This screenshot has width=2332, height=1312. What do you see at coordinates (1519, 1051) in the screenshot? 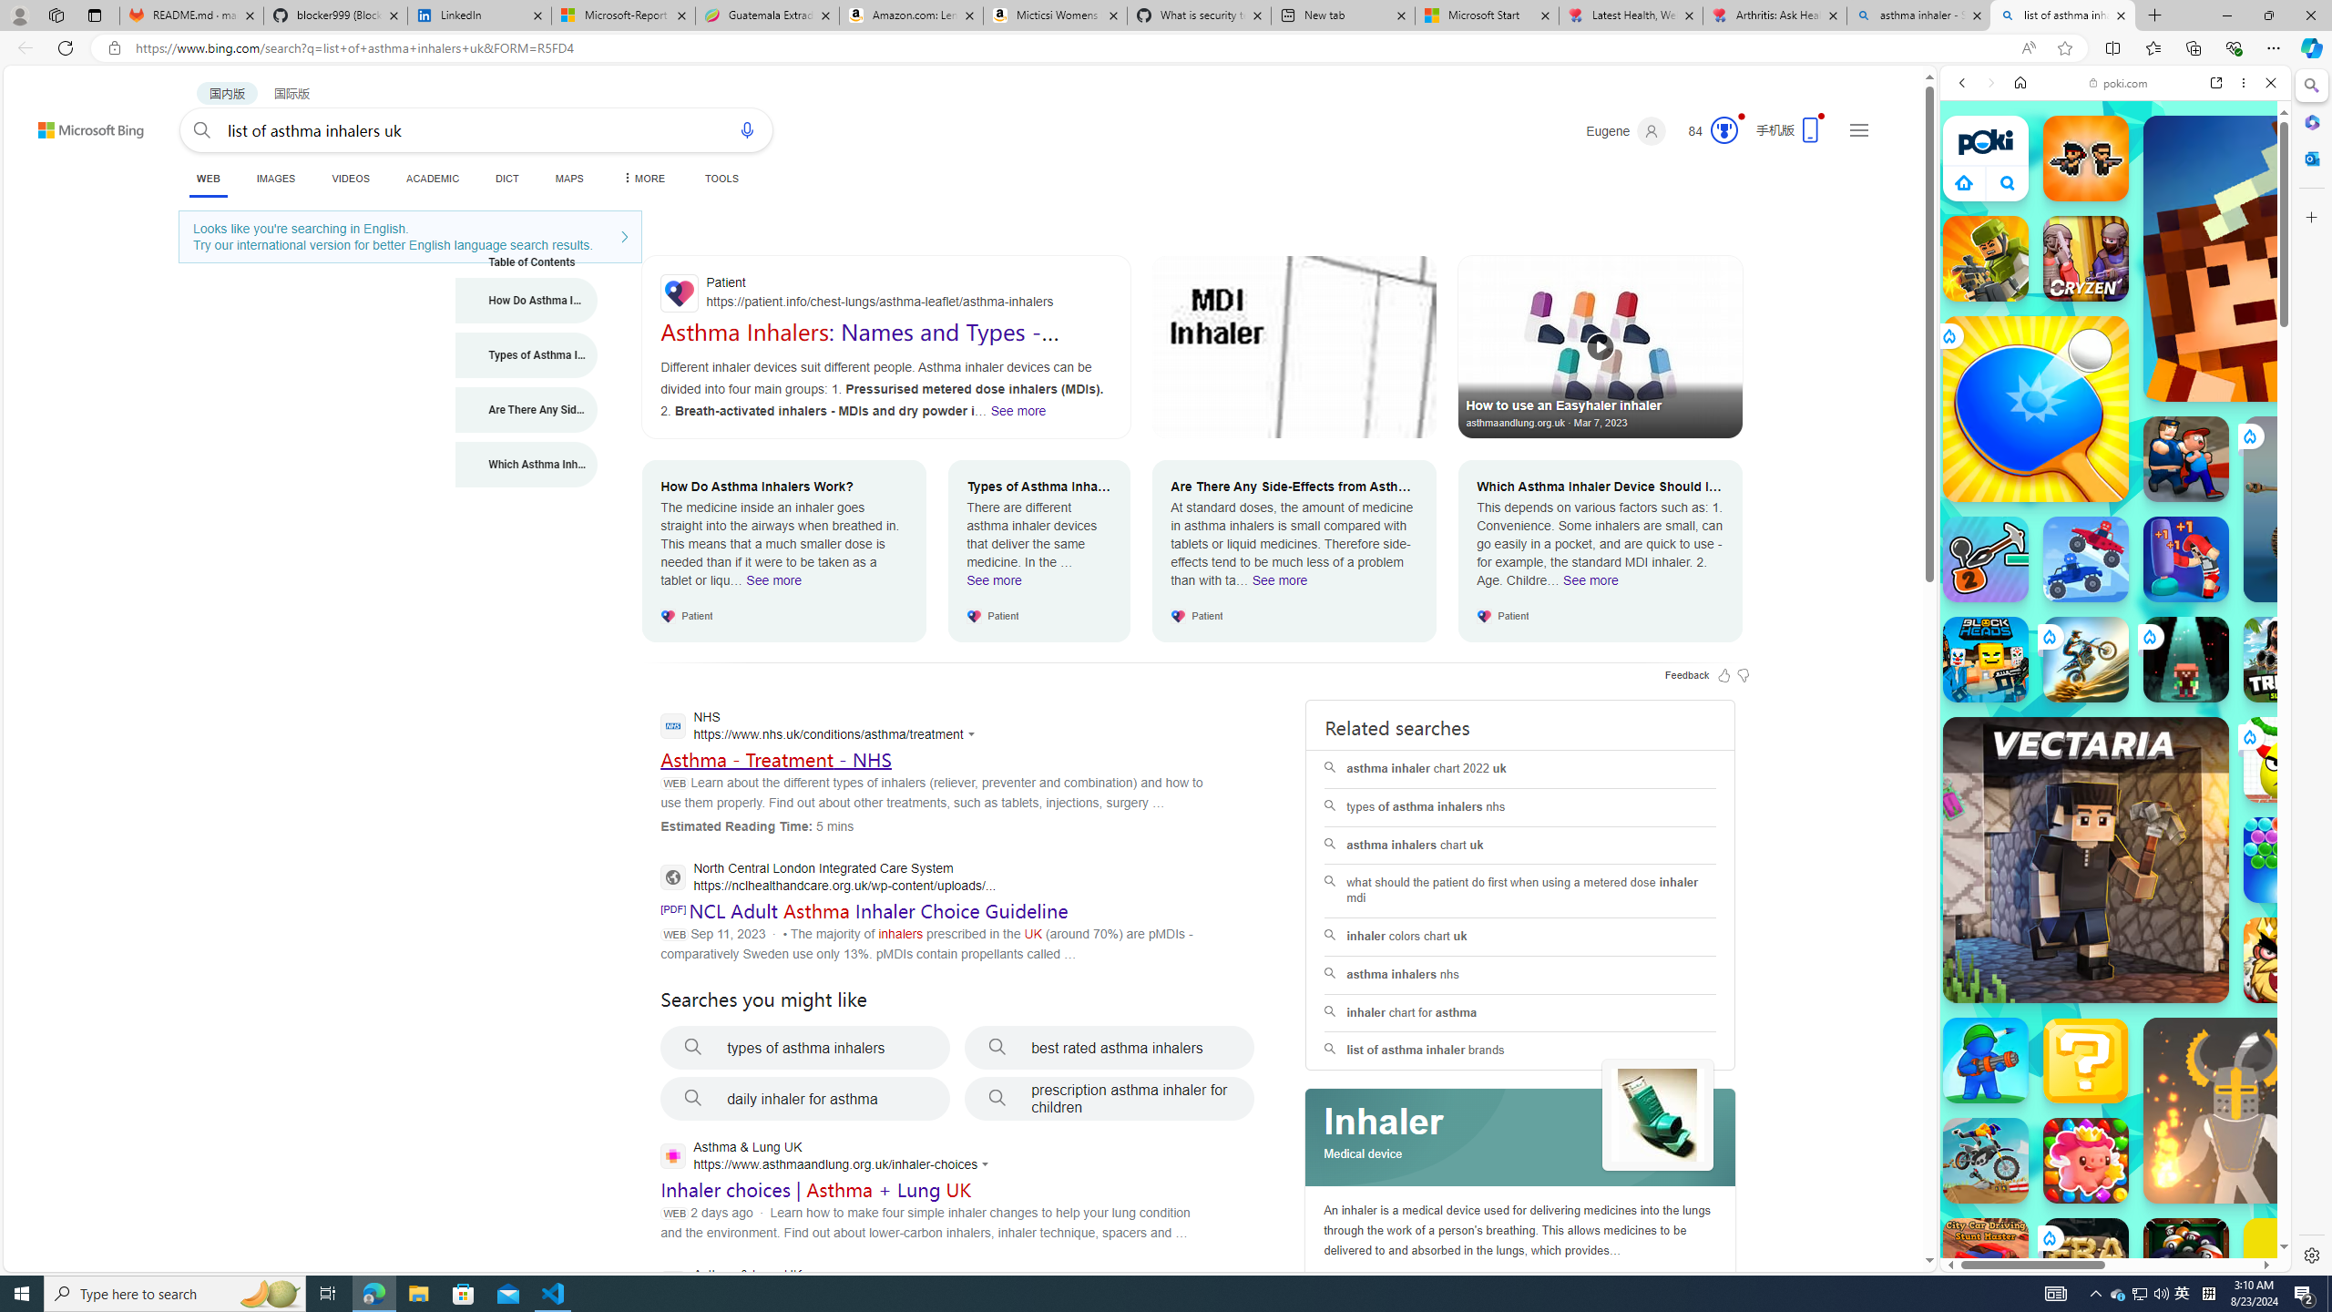
I see `'list of asthma inhaler brands'` at bounding box center [1519, 1051].